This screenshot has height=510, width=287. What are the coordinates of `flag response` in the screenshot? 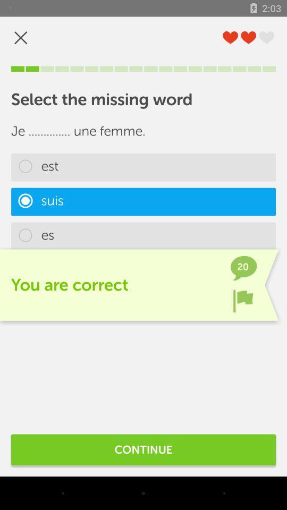 It's located at (243, 301).